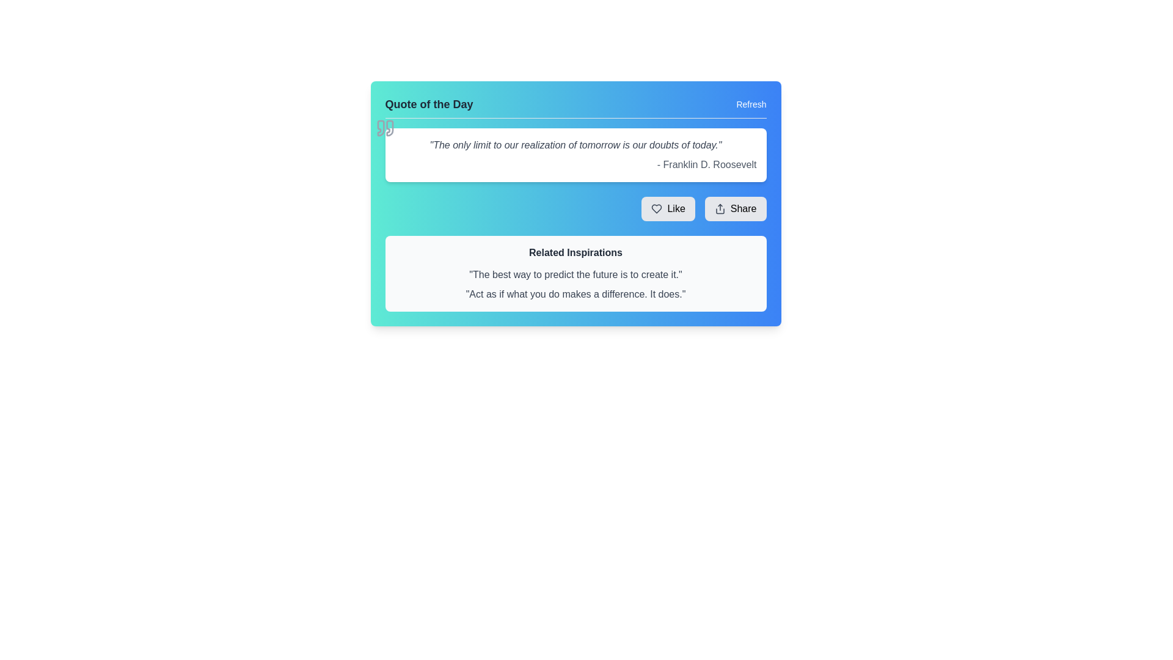  I want to click on the decorative icon associated with the 'like' or 'favorite' functionality, located to the leftmost of the 'Like' button in the center-right section of the card, so click(656, 208).